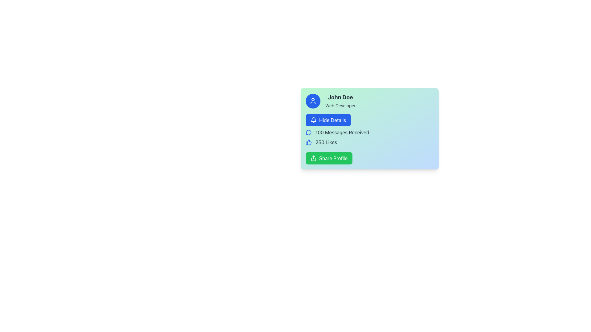  What do you see at coordinates (340, 97) in the screenshot?
I see `the text label displaying 'John Doe', which is styled in bold and dark color, located near the top-left of the card-like section, right of a circular icon, above the sub-label 'Web Developer'` at bounding box center [340, 97].